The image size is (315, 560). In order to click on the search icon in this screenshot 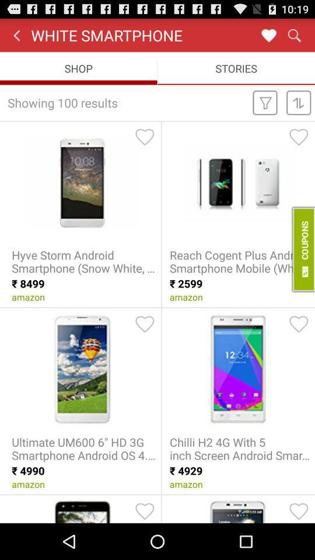, I will do `click(293, 37)`.